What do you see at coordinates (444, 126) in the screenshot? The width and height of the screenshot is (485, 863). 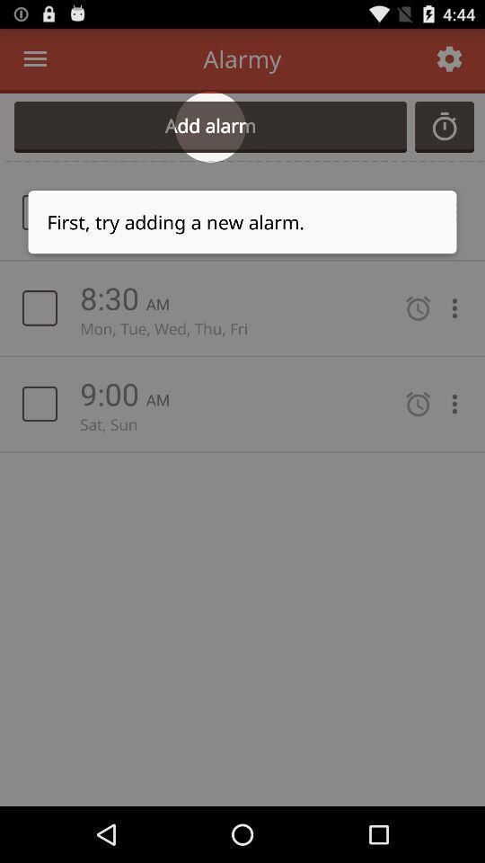 I see `item to the right of the add alarm` at bounding box center [444, 126].